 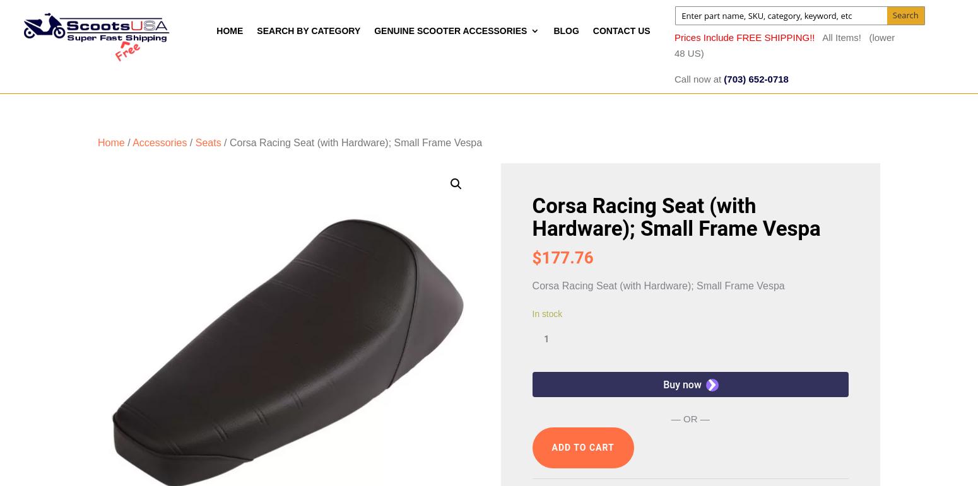 I want to click on 'Stock Genuine Scooter Parts', so click(x=429, y=340).